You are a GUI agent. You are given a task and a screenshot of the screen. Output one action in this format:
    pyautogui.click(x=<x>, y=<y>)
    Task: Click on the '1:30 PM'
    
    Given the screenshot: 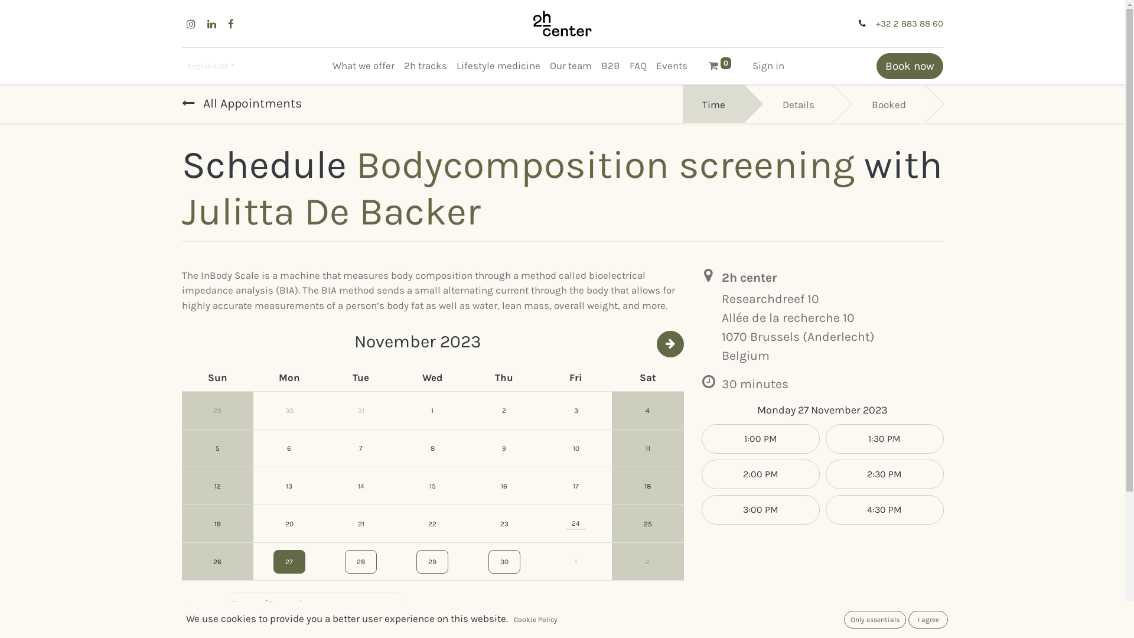 What is the action you would take?
    pyautogui.click(x=884, y=439)
    